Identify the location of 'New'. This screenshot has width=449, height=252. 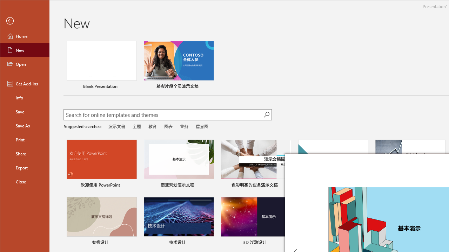
(25, 49).